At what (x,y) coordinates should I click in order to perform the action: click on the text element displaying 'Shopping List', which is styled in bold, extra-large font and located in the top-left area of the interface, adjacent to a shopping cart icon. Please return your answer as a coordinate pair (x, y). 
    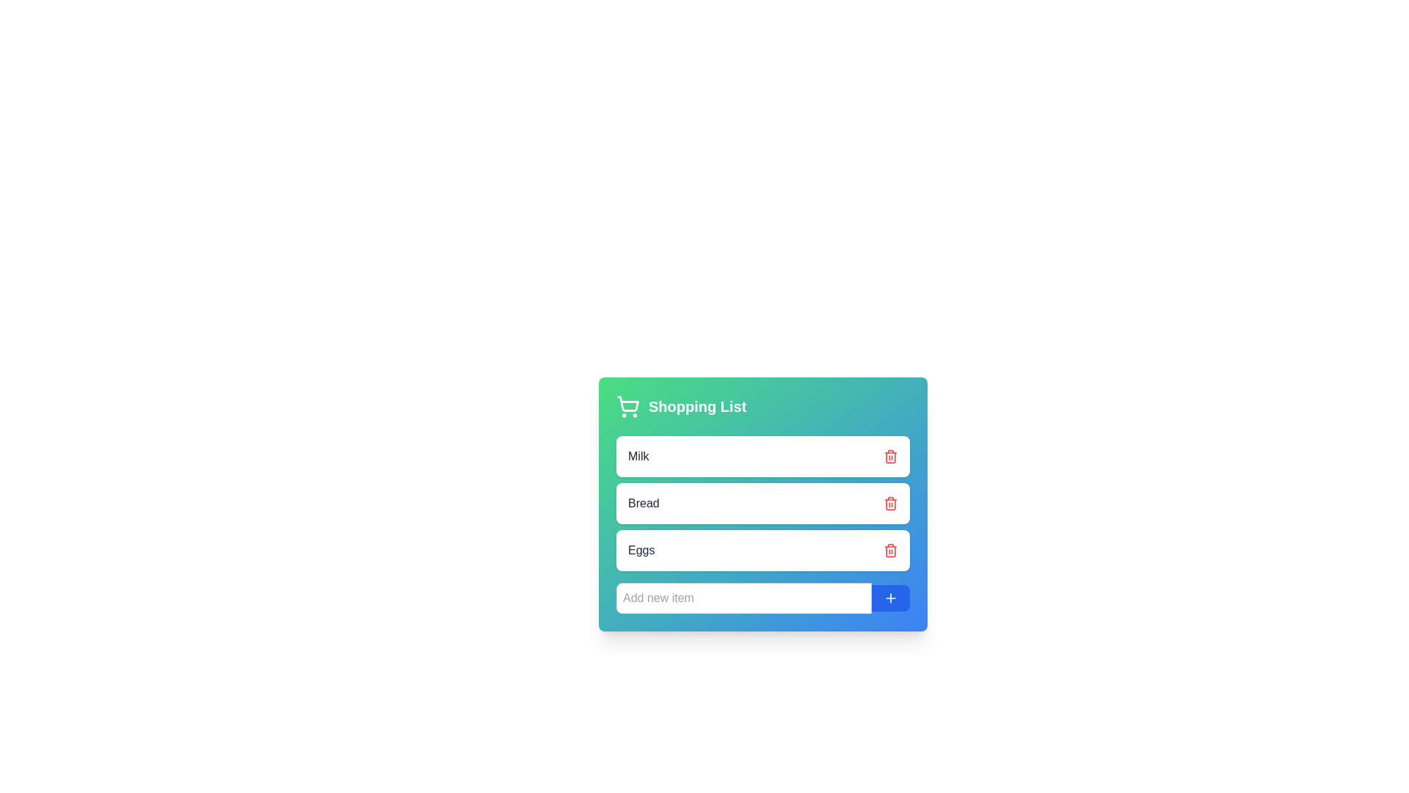
    Looking at the image, I should click on (696, 407).